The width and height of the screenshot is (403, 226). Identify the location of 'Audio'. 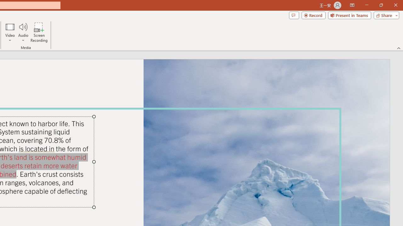
(23, 32).